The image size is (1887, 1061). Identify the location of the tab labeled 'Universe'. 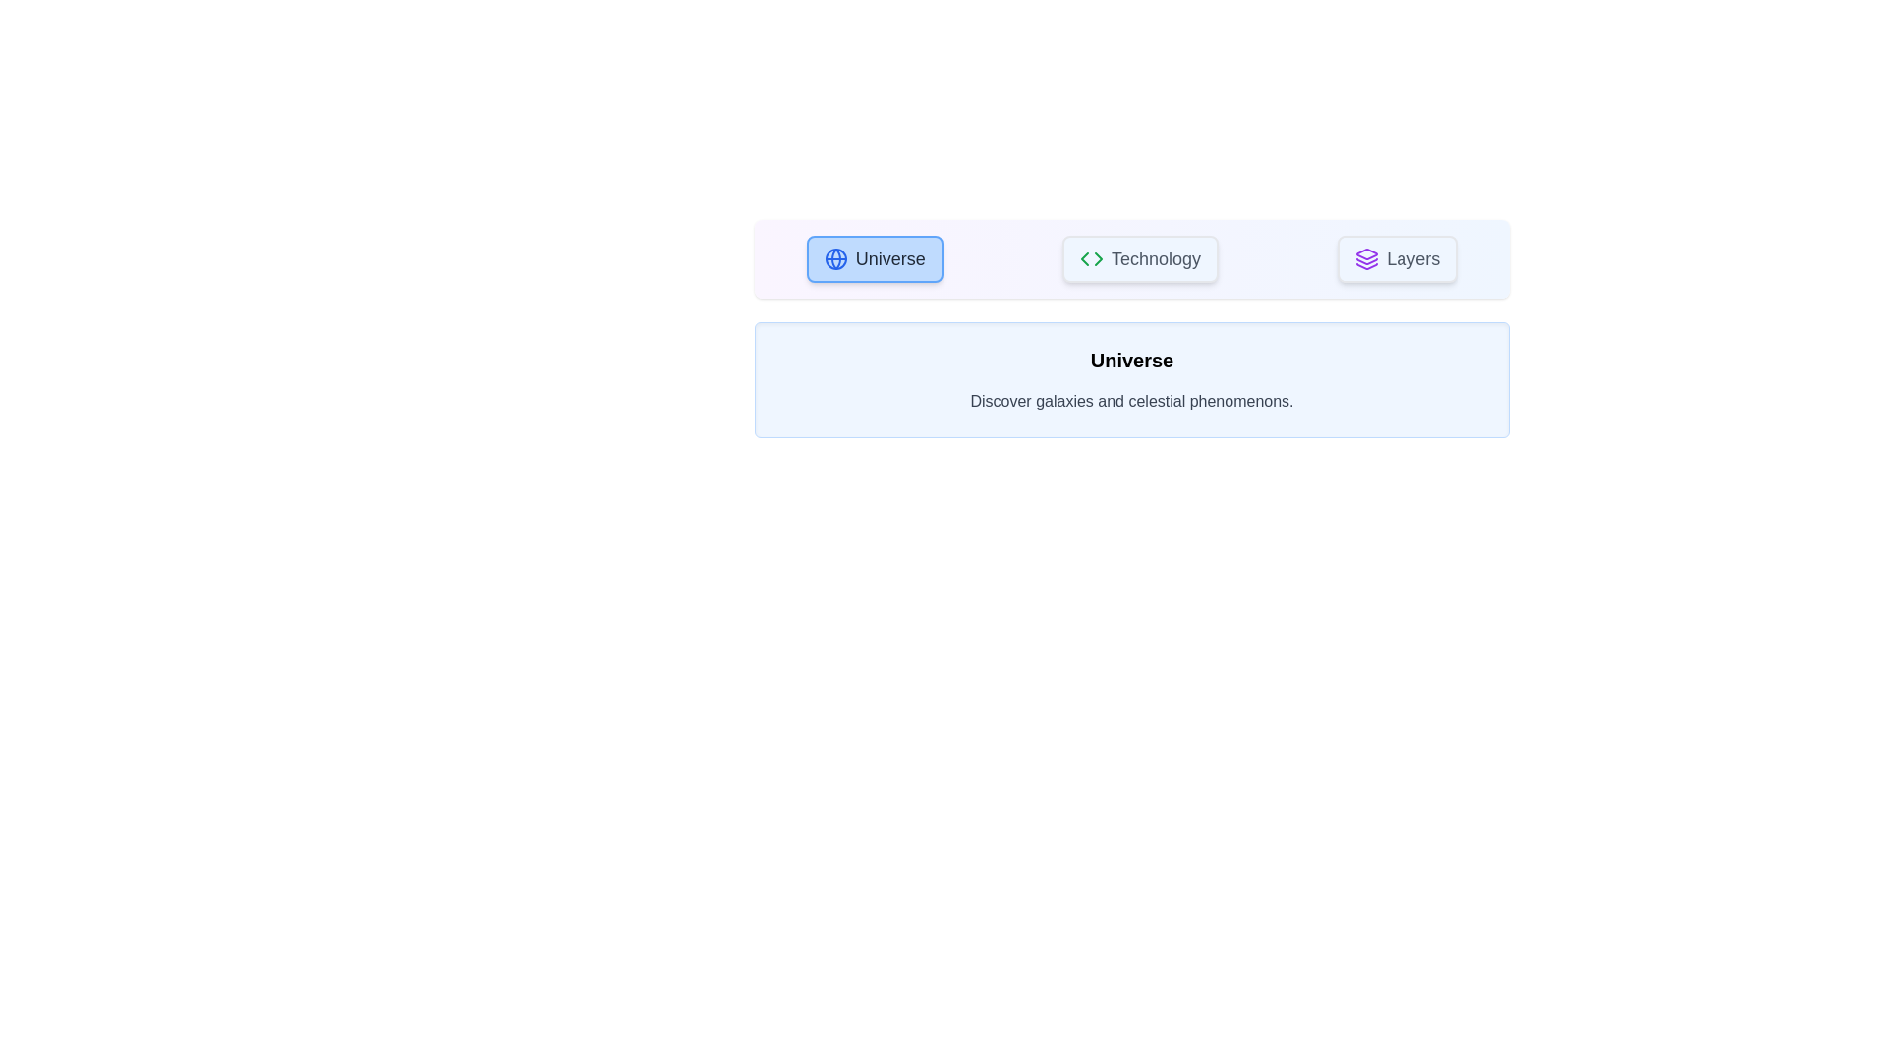
(874, 257).